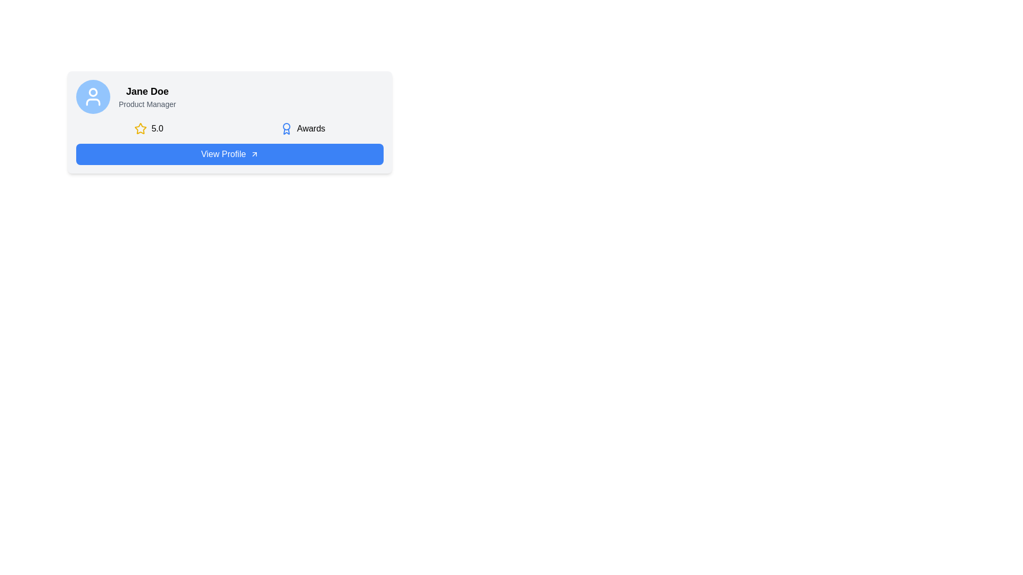 Image resolution: width=1023 pixels, height=575 pixels. Describe the element at coordinates (286, 128) in the screenshot. I see `the decorative SVG icon representing 'Awards' located to the left of the text 'Awards' in the user profile summary` at that location.